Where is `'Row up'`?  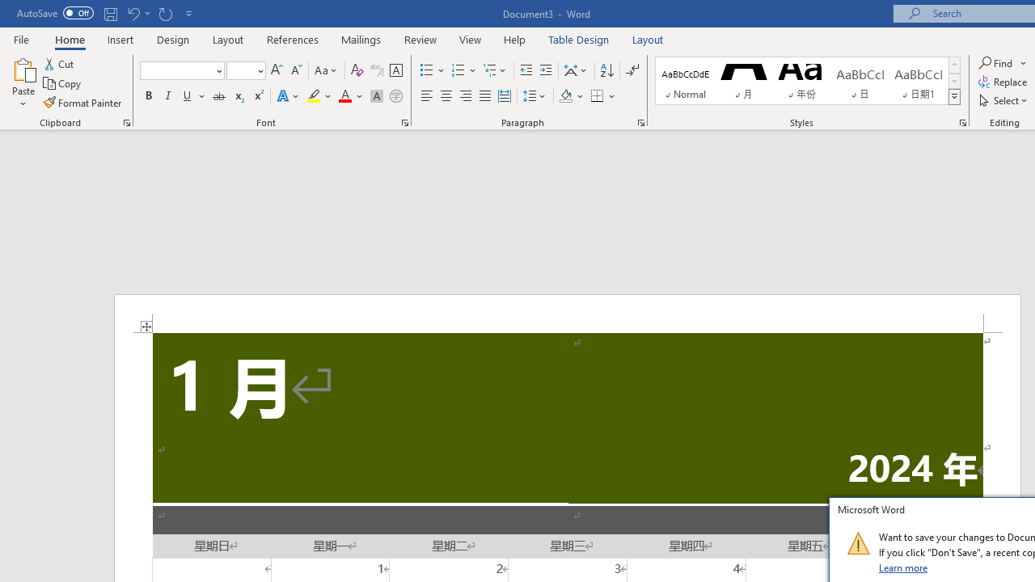 'Row up' is located at coordinates (954, 64).